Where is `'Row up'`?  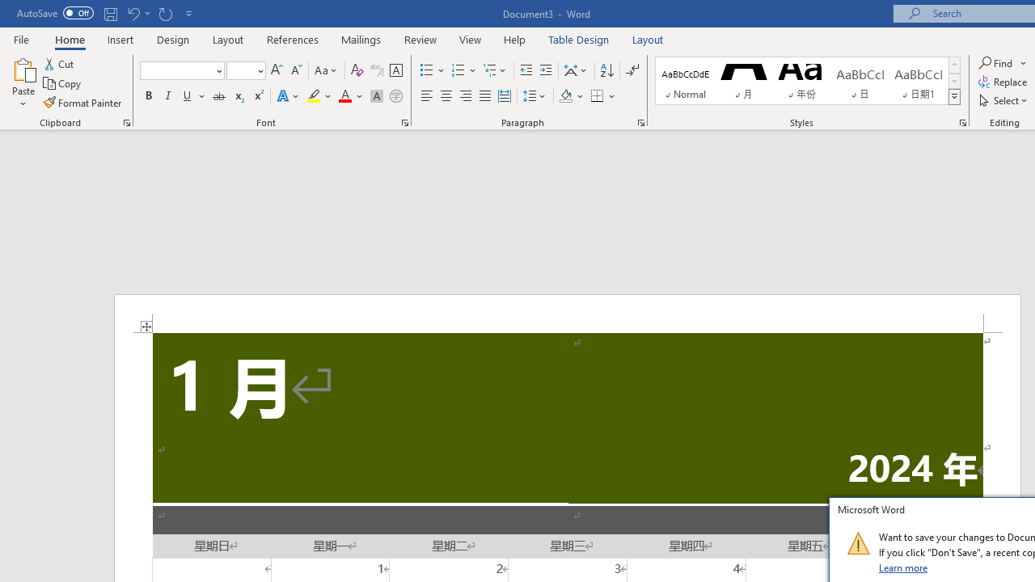 'Row up' is located at coordinates (954, 64).